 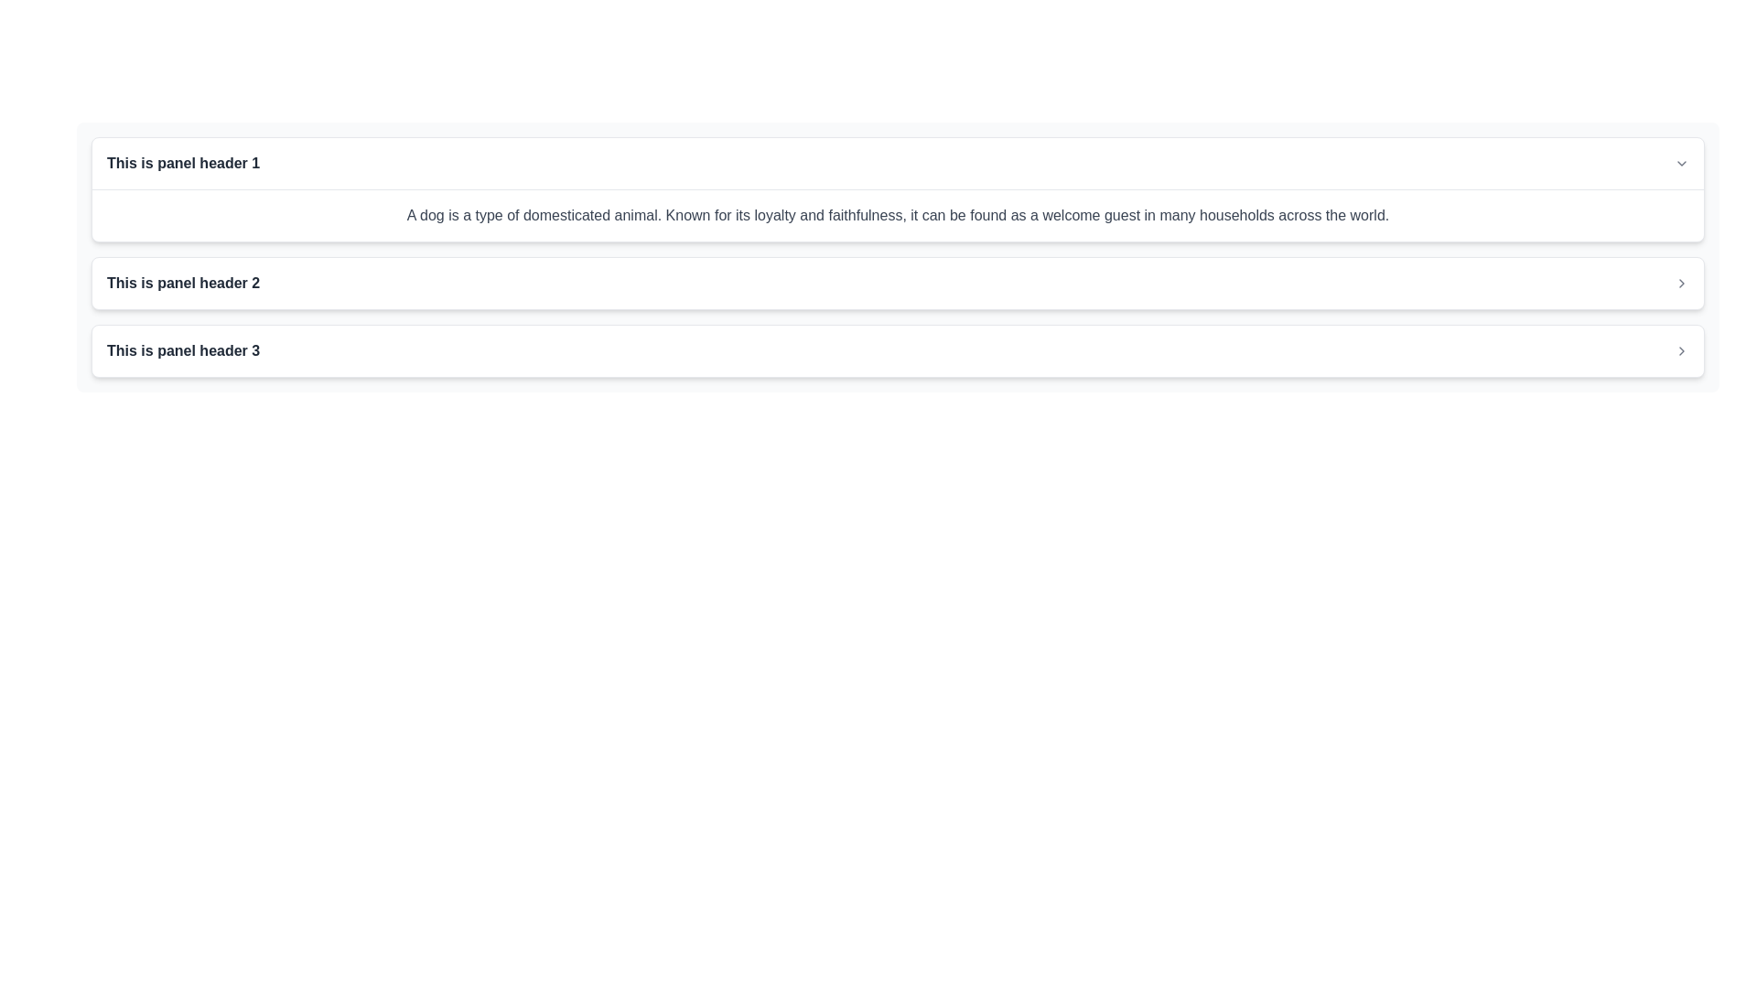 What do you see at coordinates (1682, 283) in the screenshot?
I see `the right-facing chevron icon located at the top-right corner of the panel header labeled 'This is panel header 2'` at bounding box center [1682, 283].